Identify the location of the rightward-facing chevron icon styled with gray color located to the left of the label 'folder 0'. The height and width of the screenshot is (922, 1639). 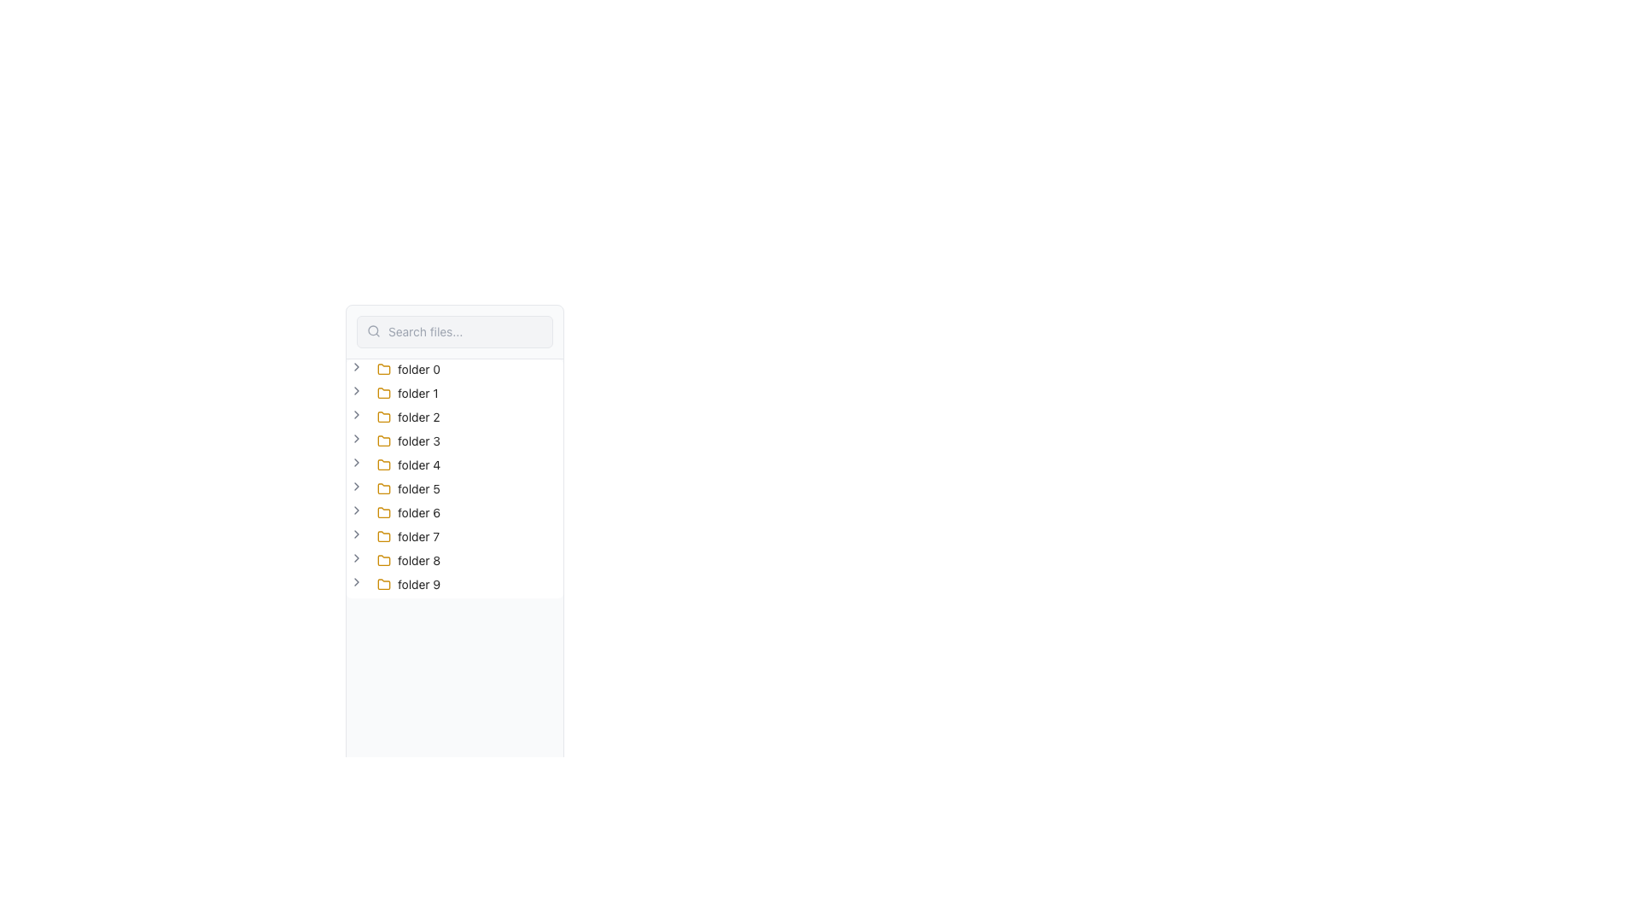
(355, 368).